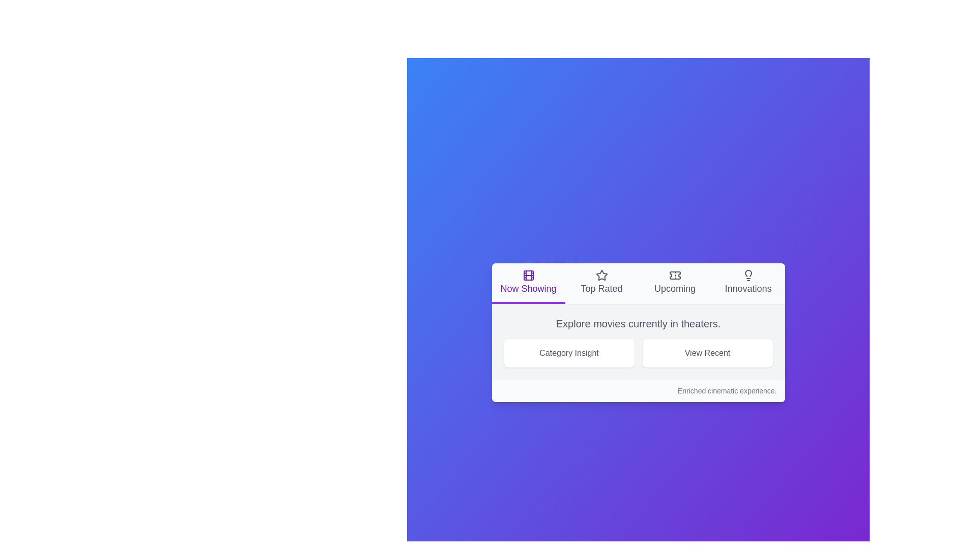  Describe the element at coordinates (675, 283) in the screenshot. I see `the 'Upcoming' button located in the horizontal navigation bar, which is positioned between the 'Top Rated' and 'Innovations' tabs` at that location.